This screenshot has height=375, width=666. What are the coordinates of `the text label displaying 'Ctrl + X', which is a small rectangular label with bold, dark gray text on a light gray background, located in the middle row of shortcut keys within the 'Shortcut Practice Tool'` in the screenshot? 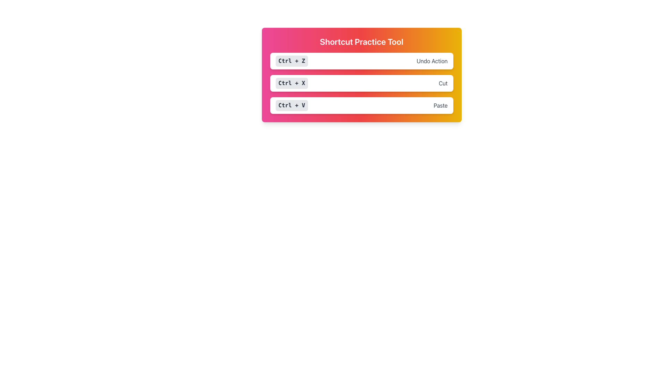 It's located at (291, 83).